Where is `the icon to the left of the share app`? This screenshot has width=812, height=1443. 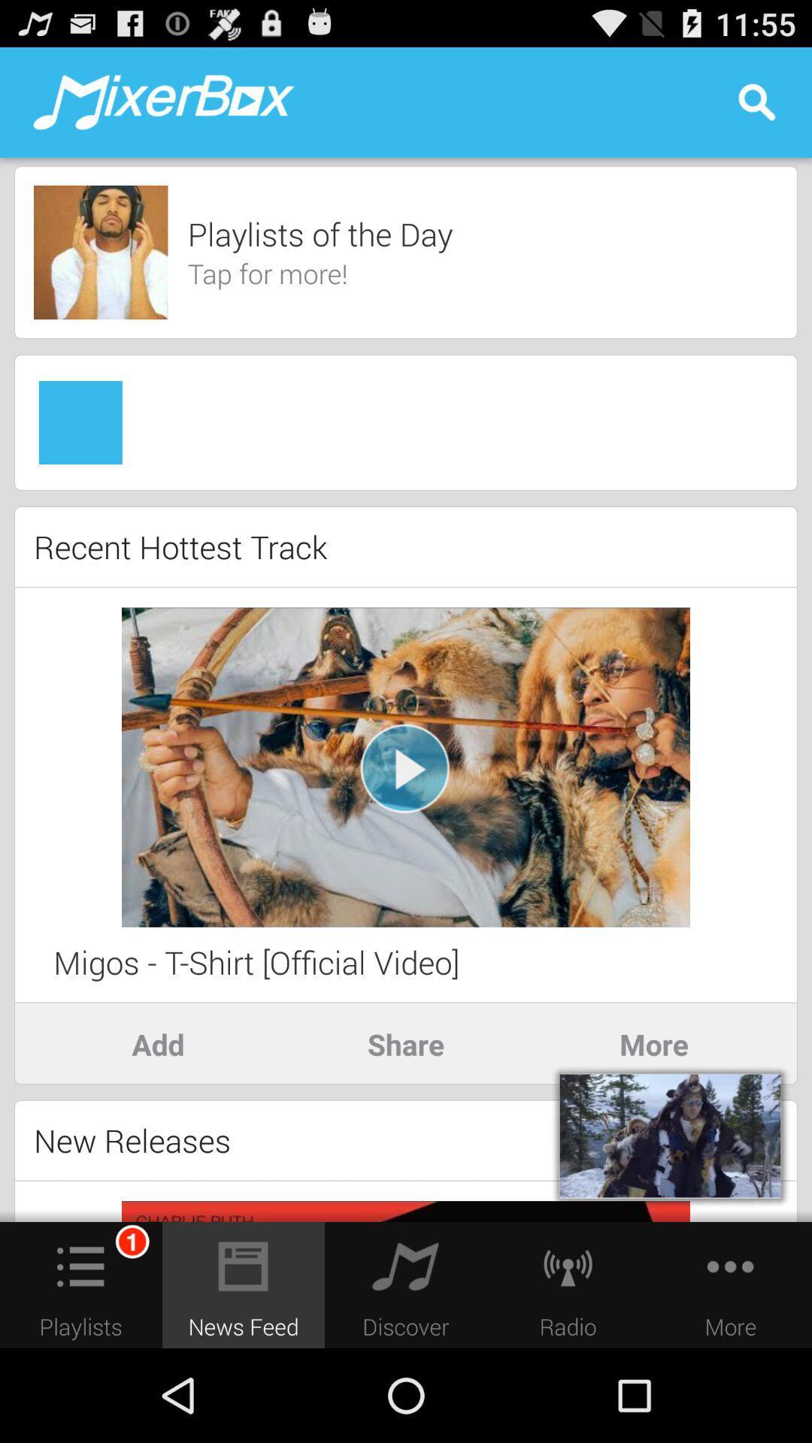 the icon to the left of the share app is located at coordinates (157, 1043).